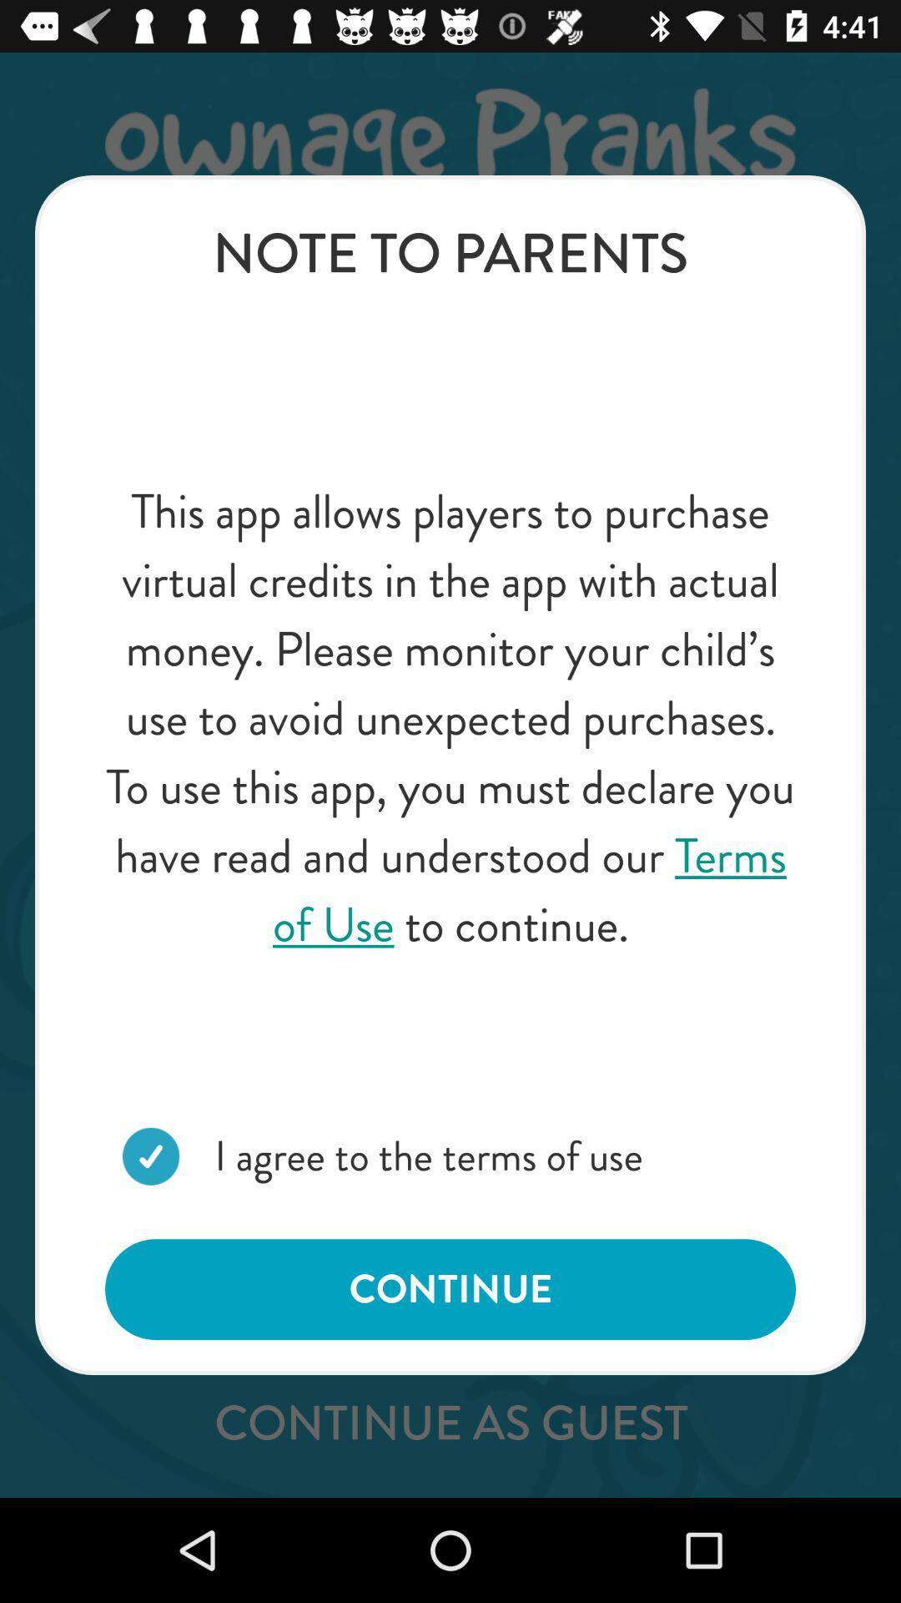 The image size is (901, 1603). Describe the element at coordinates (450, 1288) in the screenshot. I see `item below the i agree to` at that location.